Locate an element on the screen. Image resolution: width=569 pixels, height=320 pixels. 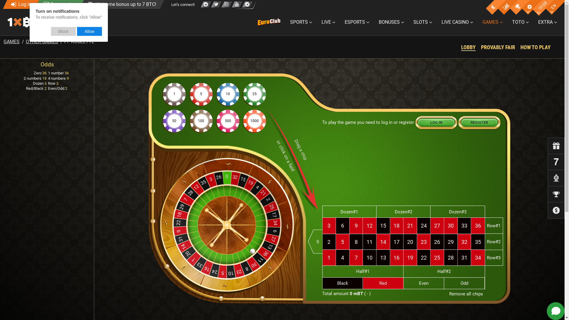
'BONUSES' is located at coordinates (391, 22).